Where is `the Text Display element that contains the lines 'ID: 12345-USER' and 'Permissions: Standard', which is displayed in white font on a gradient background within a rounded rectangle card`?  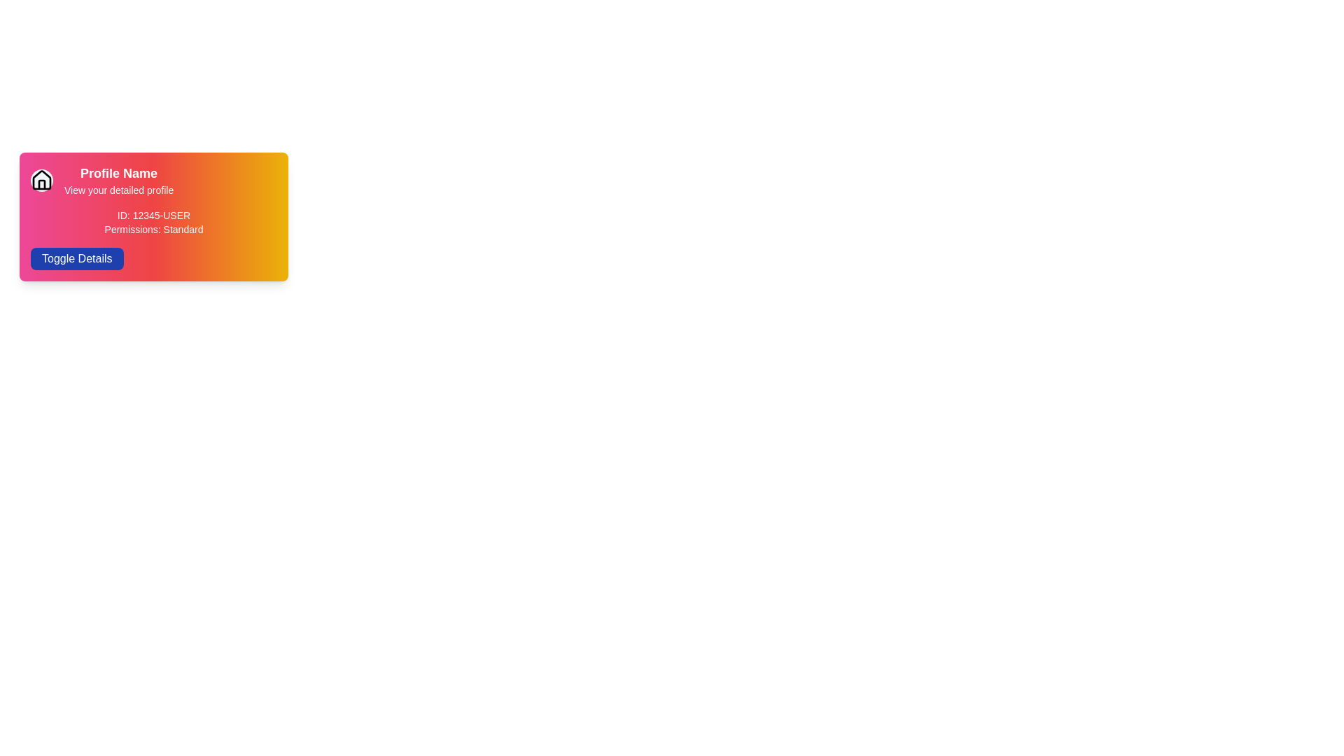
the Text Display element that contains the lines 'ID: 12345-USER' and 'Permissions: Standard', which is displayed in white font on a gradient background within a rounded rectangle card is located at coordinates (154, 221).